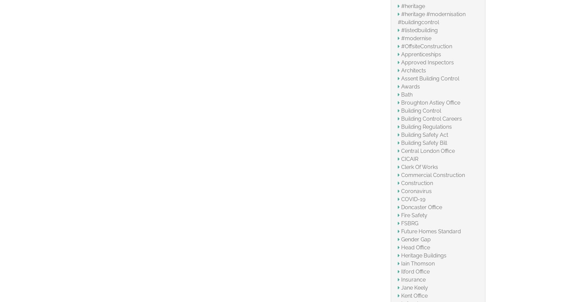 The image size is (568, 302). Describe the element at coordinates (409, 223) in the screenshot. I see `'FSBRG'` at that location.